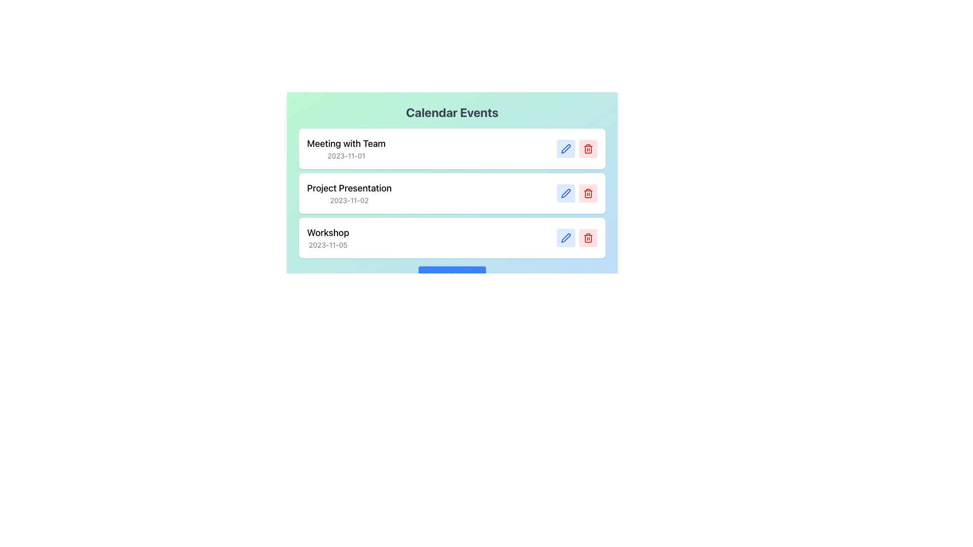 The image size is (973, 547). What do you see at coordinates (349, 201) in the screenshot?
I see `the text label displaying the date '2023-11-02', which is smaller and gray, located below the 'Project Presentation' text in the second event of the list` at bounding box center [349, 201].